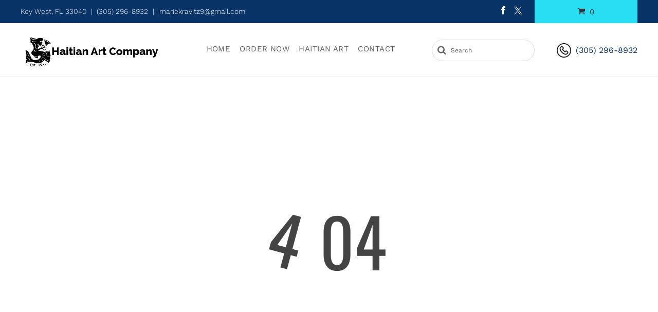 Image resolution: width=658 pixels, height=312 pixels. I want to click on 'Haitian Art', so click(323, 48).